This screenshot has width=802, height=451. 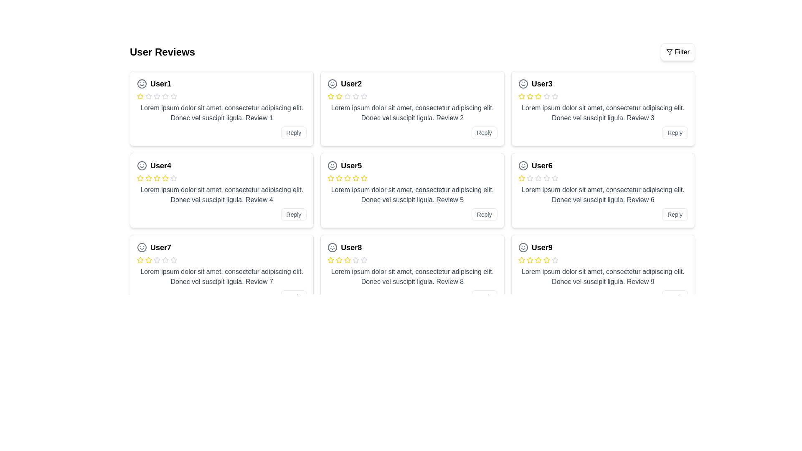 What do you see at coordinates (412, 113) in the screenshot?
I see `review content displayed in the text block for 'User2,' which is located in the right column of the first row under 'User Reviews.' This text block is positioned below the user name and rating components and above the 'Reply' button` at bounding box center [412, 113].